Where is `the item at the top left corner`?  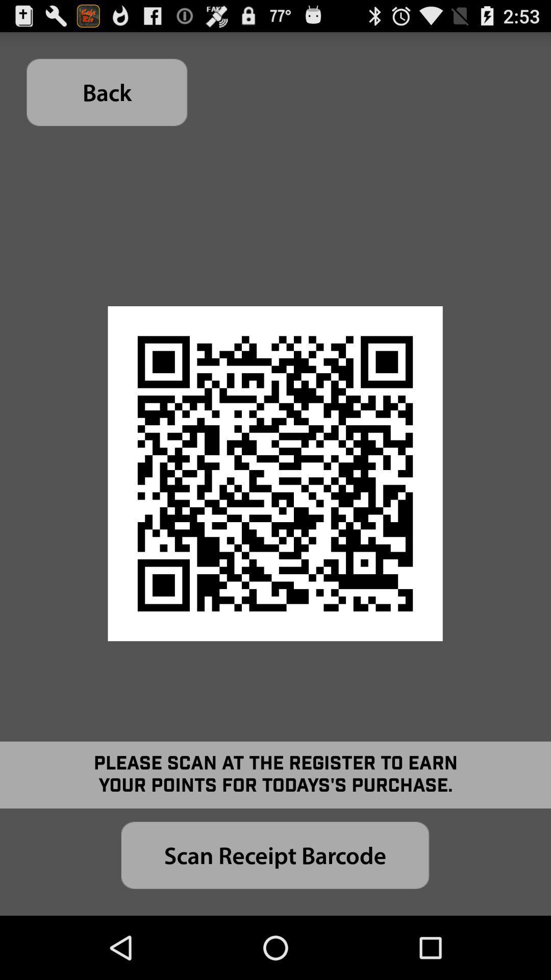 the item at the top left corner is located at coordinates (107, 92).